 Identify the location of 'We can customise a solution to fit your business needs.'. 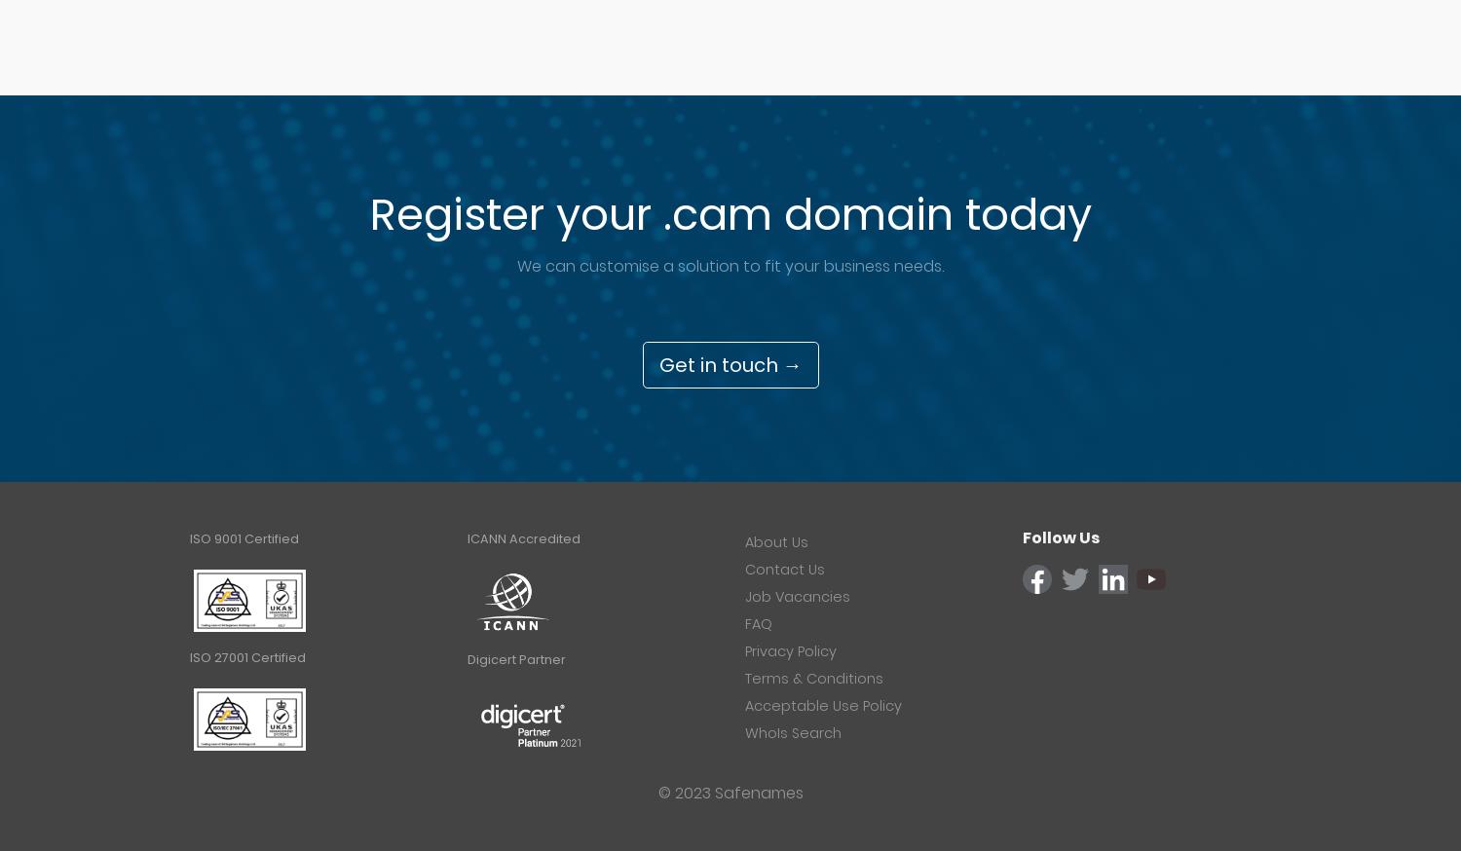
(730, 266).